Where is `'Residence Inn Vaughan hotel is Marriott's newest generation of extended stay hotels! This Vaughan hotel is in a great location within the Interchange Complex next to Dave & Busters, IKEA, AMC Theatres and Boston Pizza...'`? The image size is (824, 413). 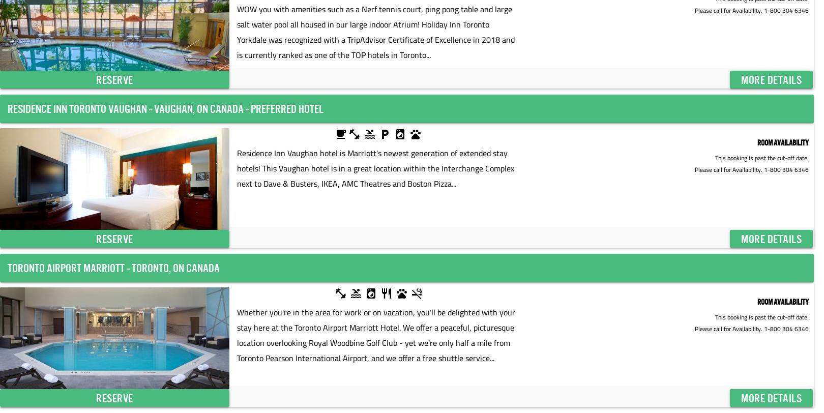 'Residence Inn Vaughan hotel is Marriott's newest generation of extended stay hotels! This Vaughan hotel is in a great location within the Interchange Complex next to Dave & Busters, IKEA, AMC Theatres and Boston Pizza...' is located at coordinates (375, 168).